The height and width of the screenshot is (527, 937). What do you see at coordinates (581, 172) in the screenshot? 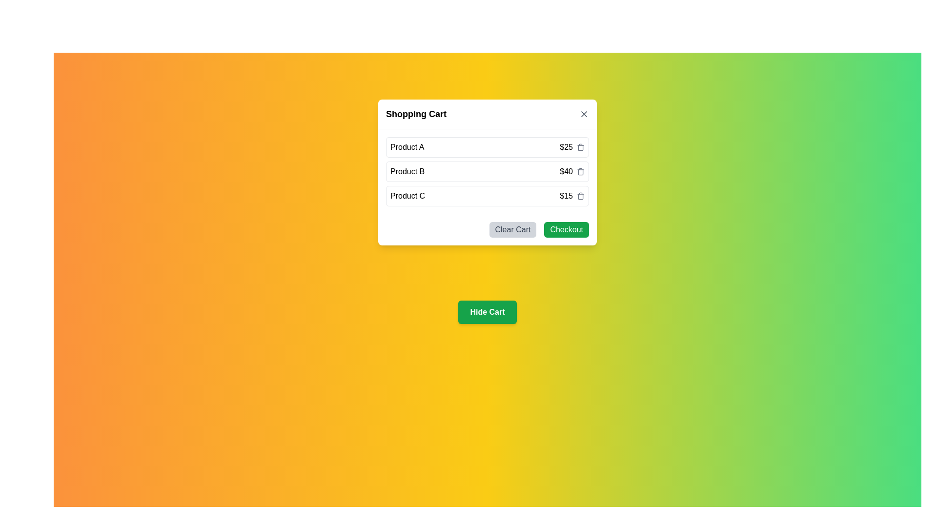
I see `the trash bin icon button located next to the price display for Product B in the shopping cart interface` at bounding box center [581, 172].